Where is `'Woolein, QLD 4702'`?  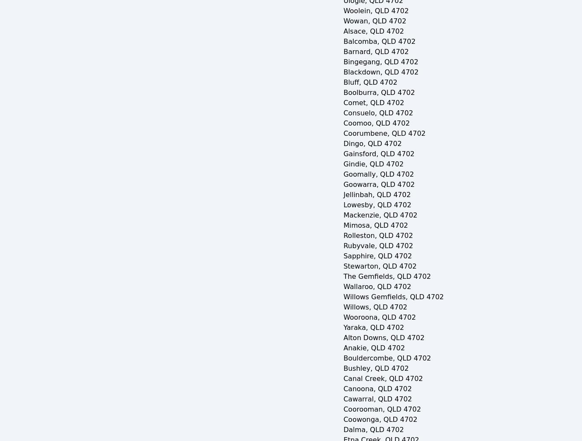 'Woolein, QLD 4702' is located at coordinates (375, 11).